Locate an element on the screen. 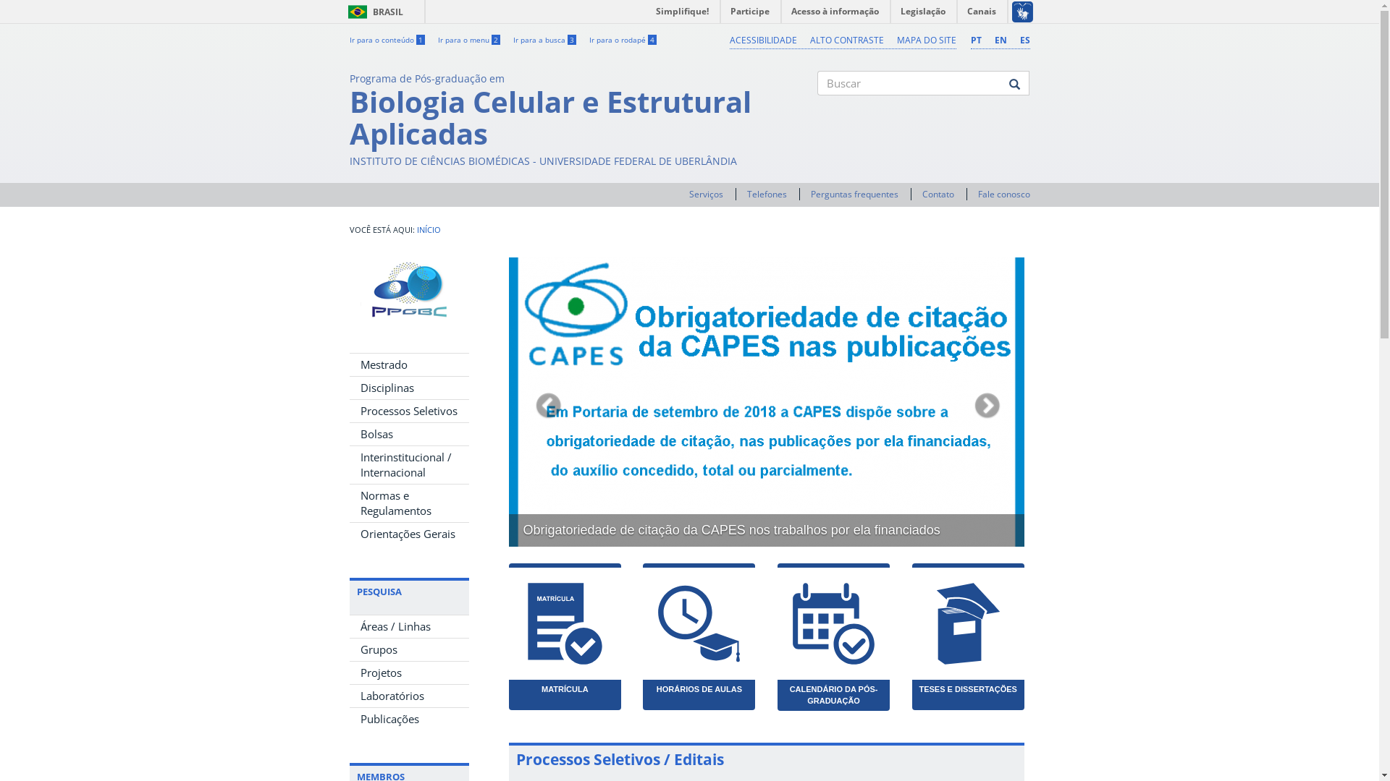 This screenshot has width=1390, height=781. 'Fale conosco' is located at coordinates (977, 193).